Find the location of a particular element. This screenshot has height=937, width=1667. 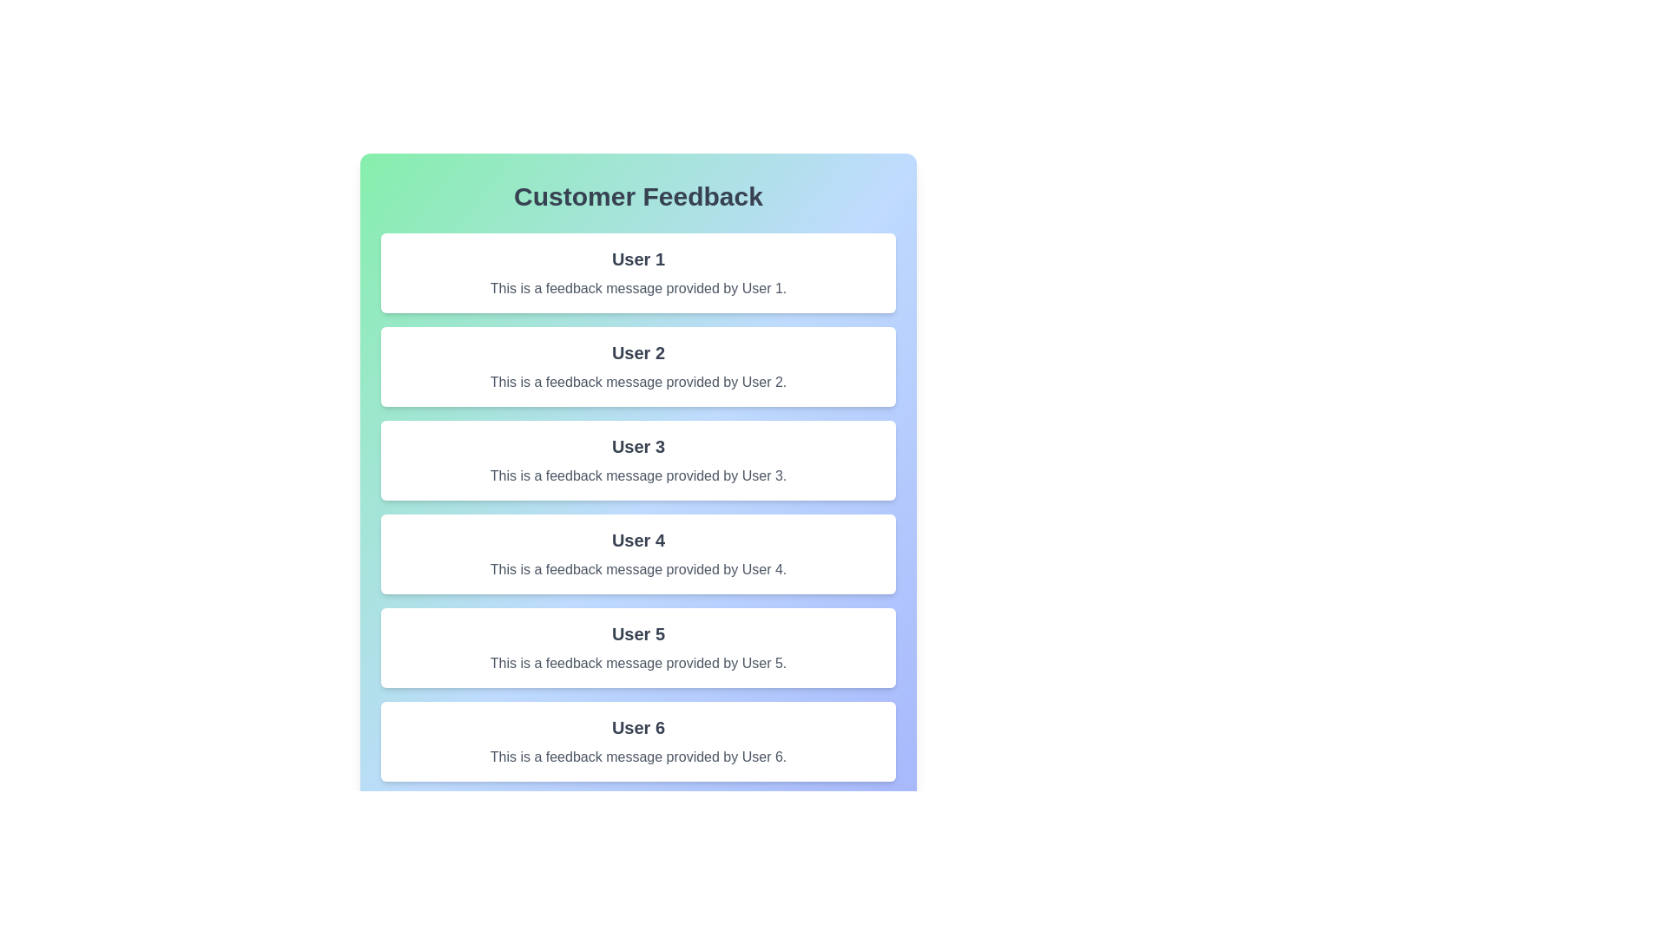

the feedback display box showing 'User 2' and their feedback message, which is the second rectangular section in a vertically stacked list is located at coordinates (637, 366).